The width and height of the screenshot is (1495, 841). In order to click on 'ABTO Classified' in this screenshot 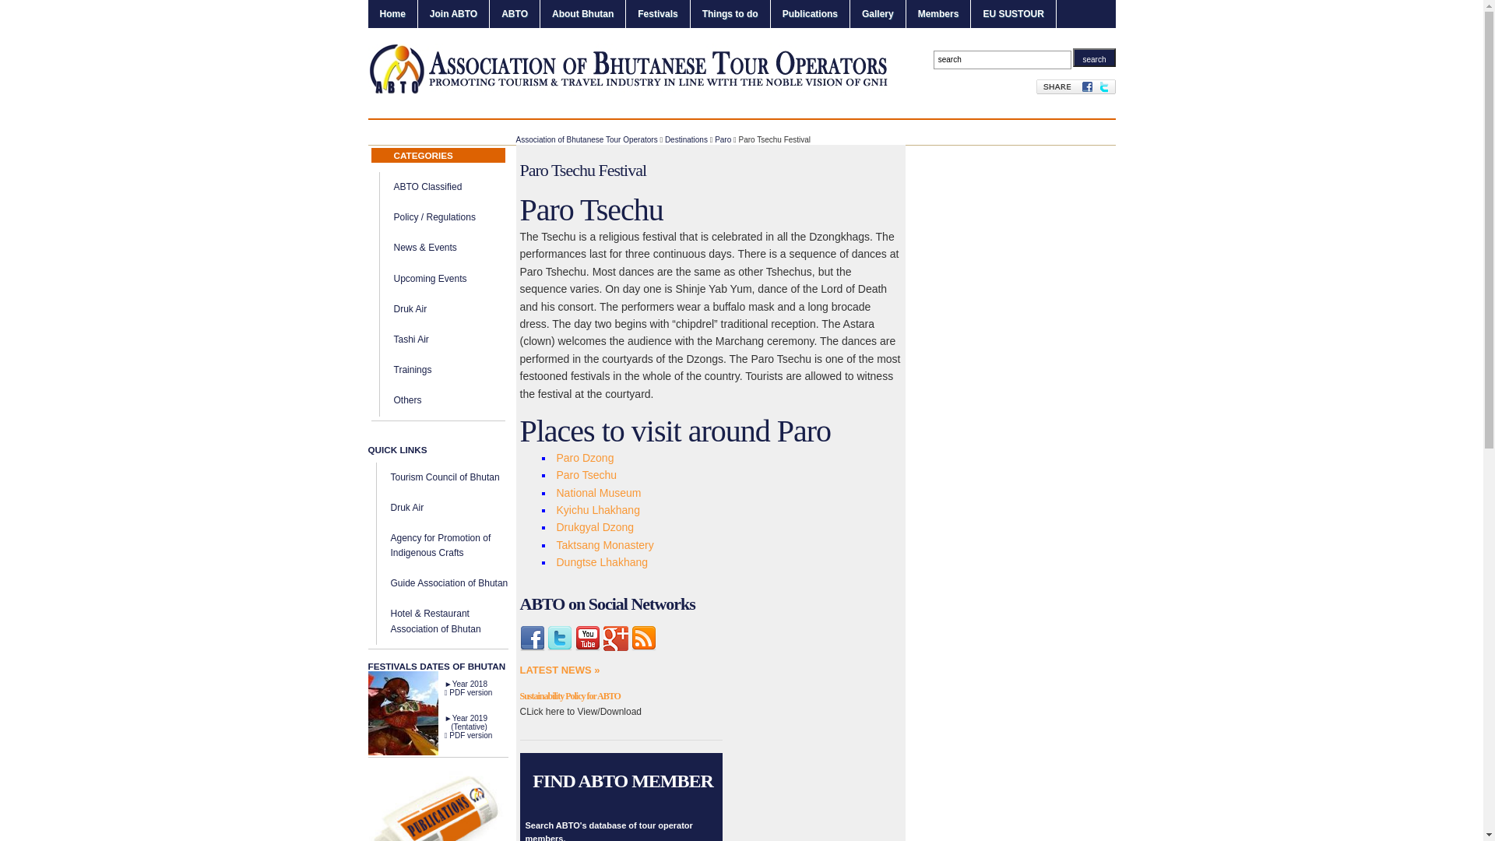, I will do `click(393, 185)`.